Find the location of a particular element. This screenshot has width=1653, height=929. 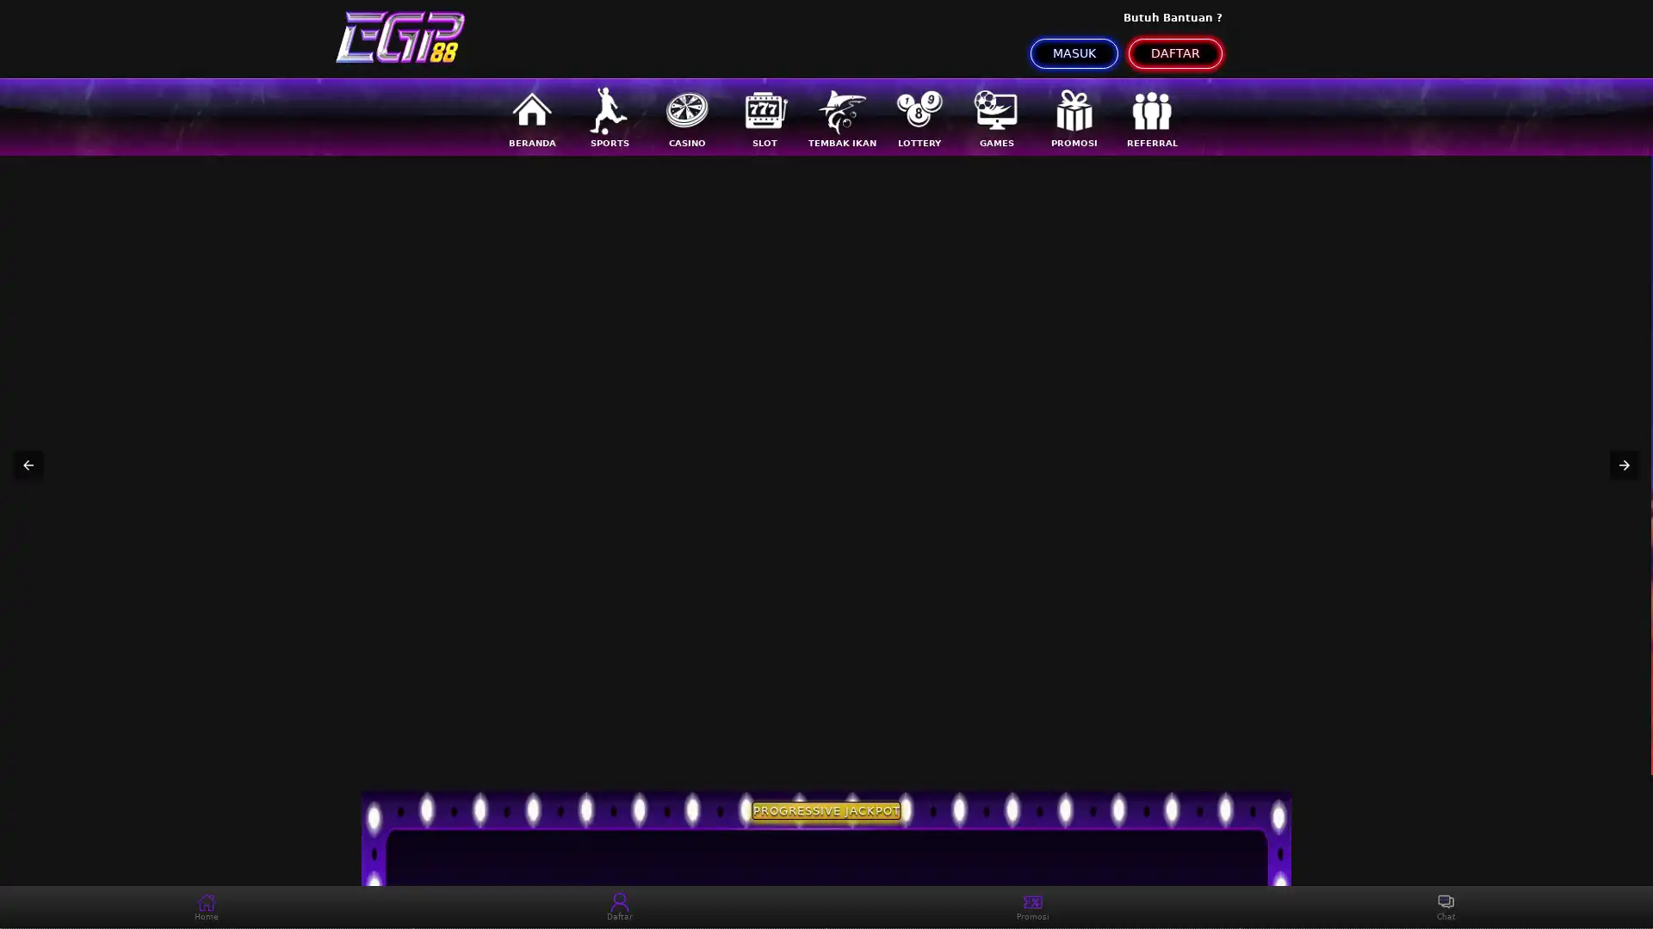

Previous item in carousel (4 of 4) is located at coordinates (28, 464).